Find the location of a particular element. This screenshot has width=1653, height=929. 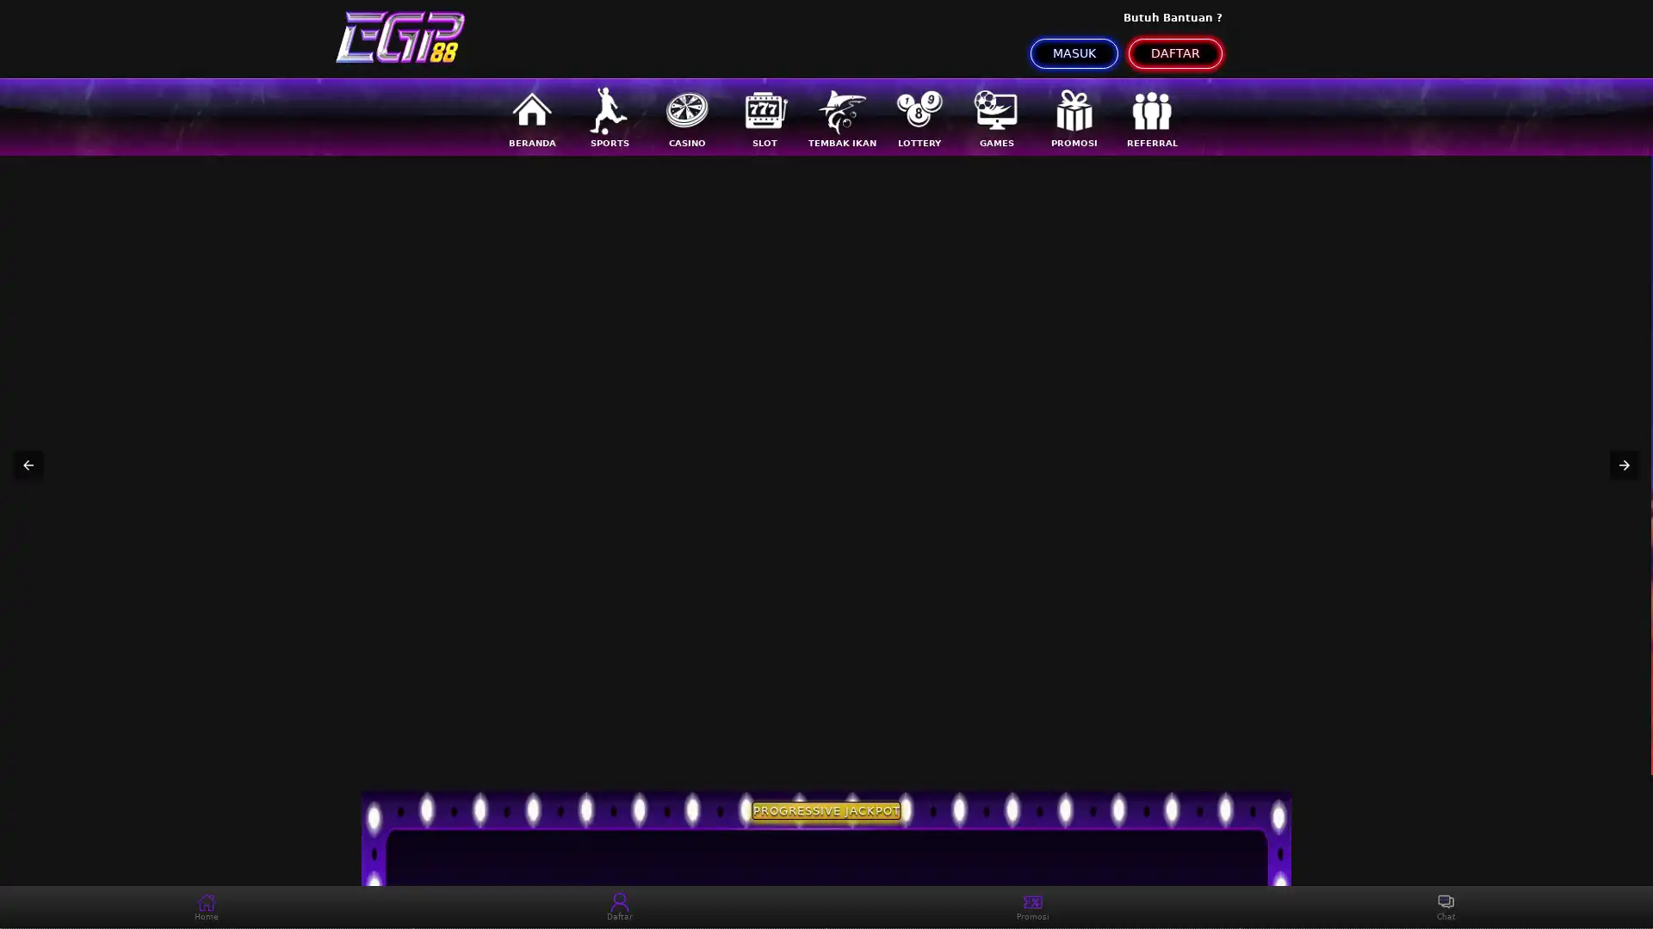

Previous item in carousel (4 of 4) is located at coordinates (28, 464).